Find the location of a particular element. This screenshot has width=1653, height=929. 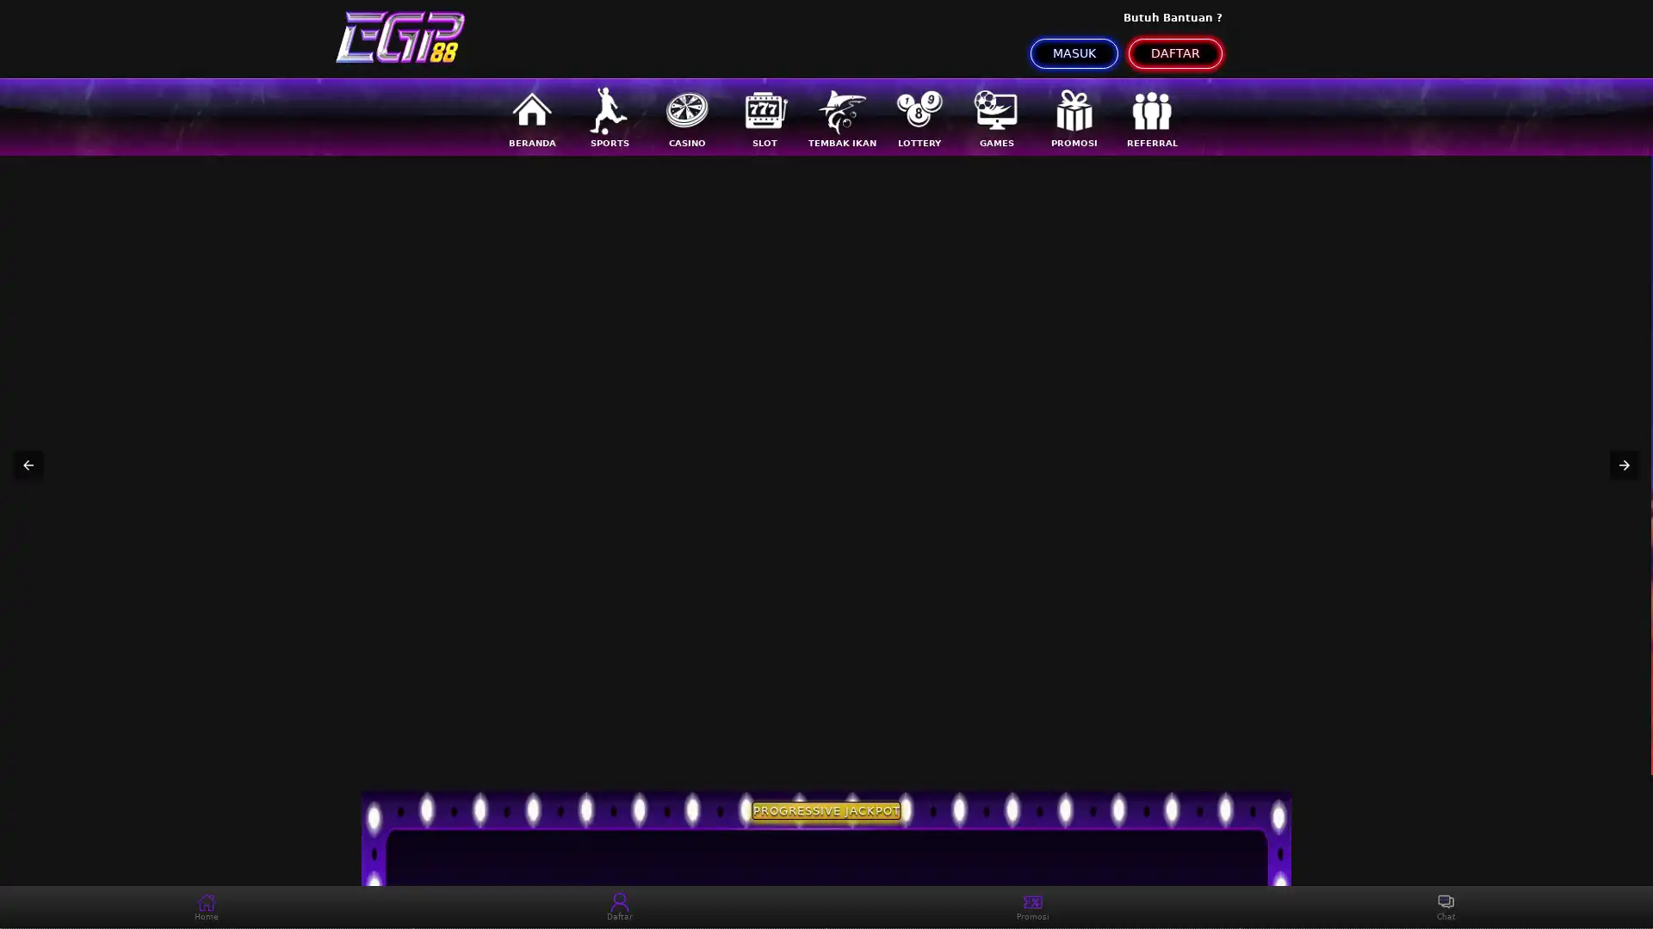

Previous item in carousel (4 of 4) is located at coordinates (28, 464).